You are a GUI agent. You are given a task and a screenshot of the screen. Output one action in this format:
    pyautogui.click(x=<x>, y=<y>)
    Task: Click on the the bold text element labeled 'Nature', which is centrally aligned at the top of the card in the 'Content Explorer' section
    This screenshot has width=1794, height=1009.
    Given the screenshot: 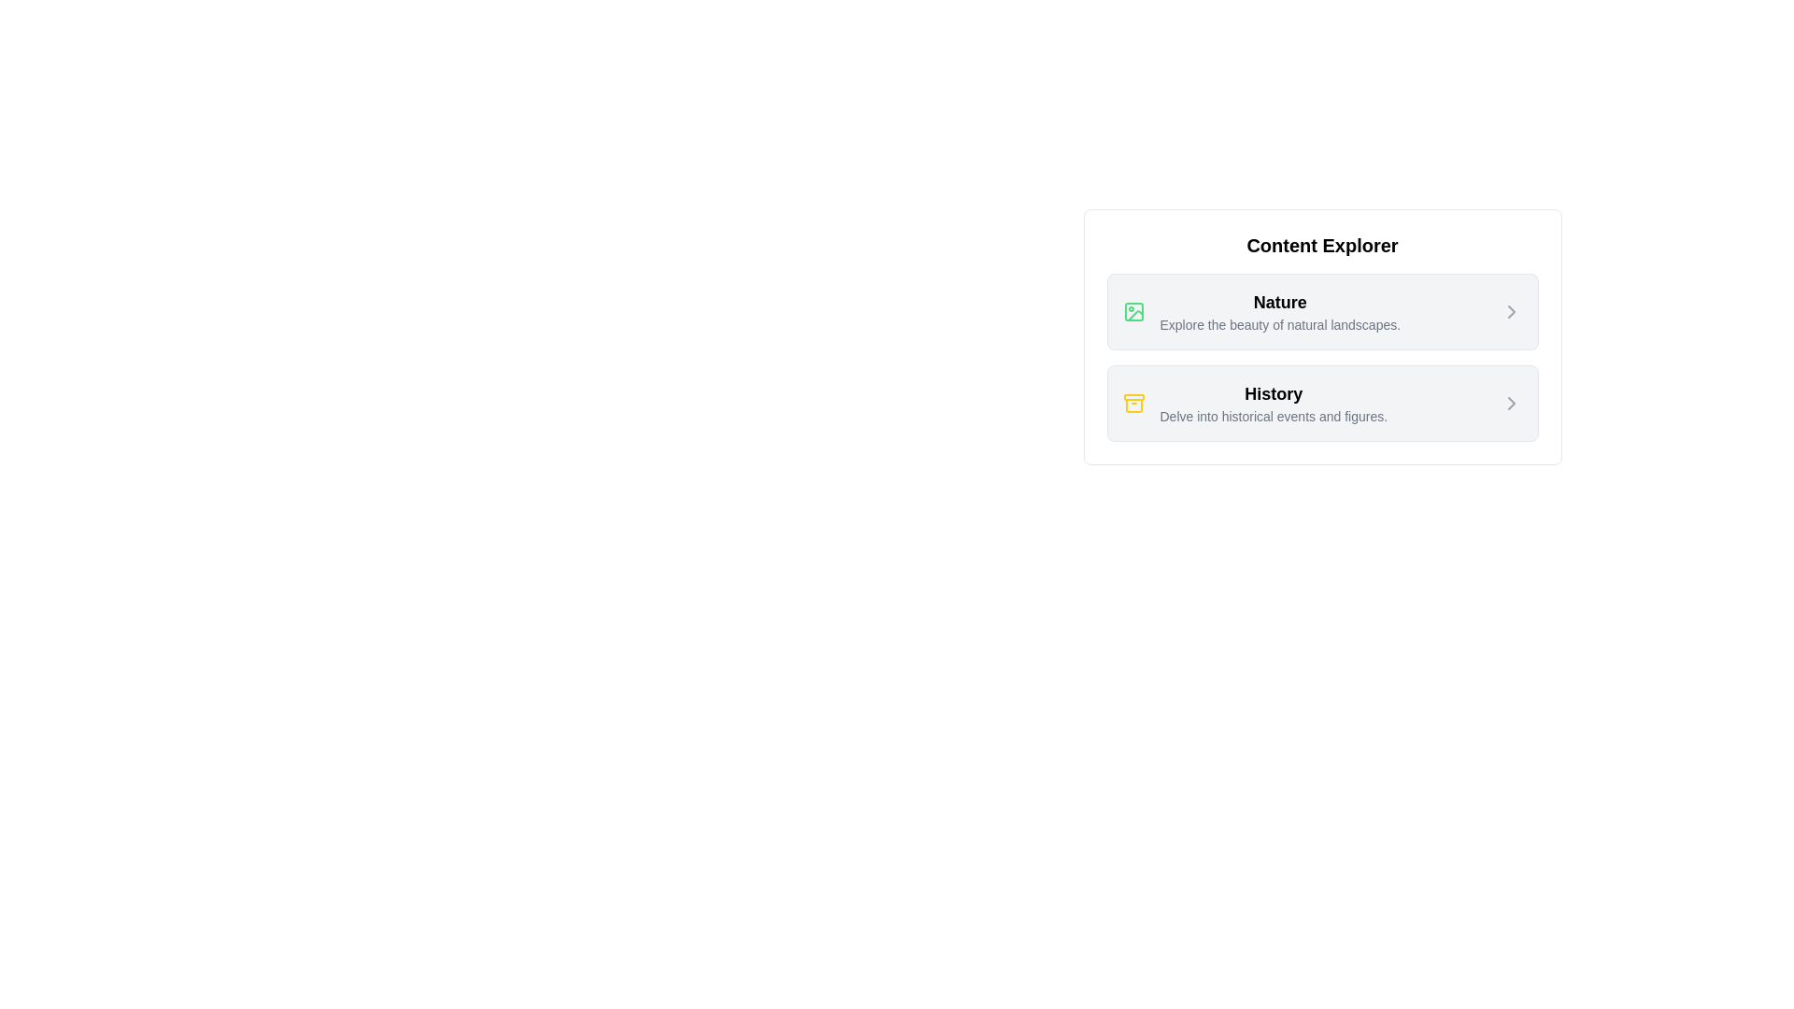 What is the action you would take?
    pyautogui.click(x=1279, y=302)
    